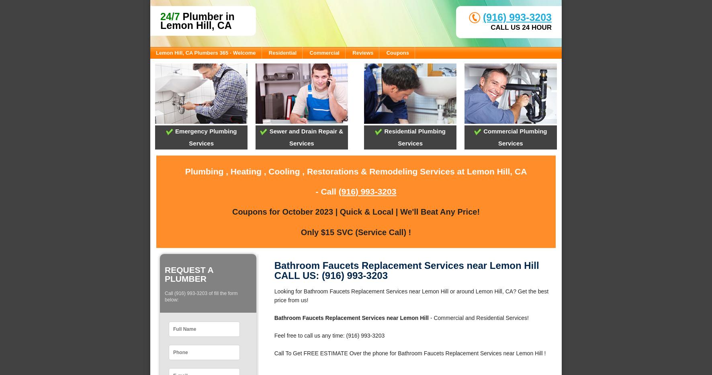 This screenshot has height=375, width=712. What do you see at coordinates (201, 296) in the screenshot?
I see `'Call (916) 993-3203 of fill the form below:'` at bounding box center [201, 296].